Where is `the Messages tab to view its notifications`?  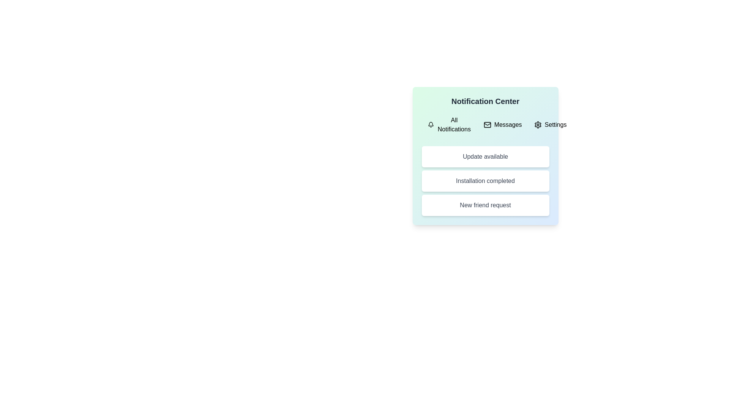
the Messages tab to view its notifications is located at coordinates (503, 124).